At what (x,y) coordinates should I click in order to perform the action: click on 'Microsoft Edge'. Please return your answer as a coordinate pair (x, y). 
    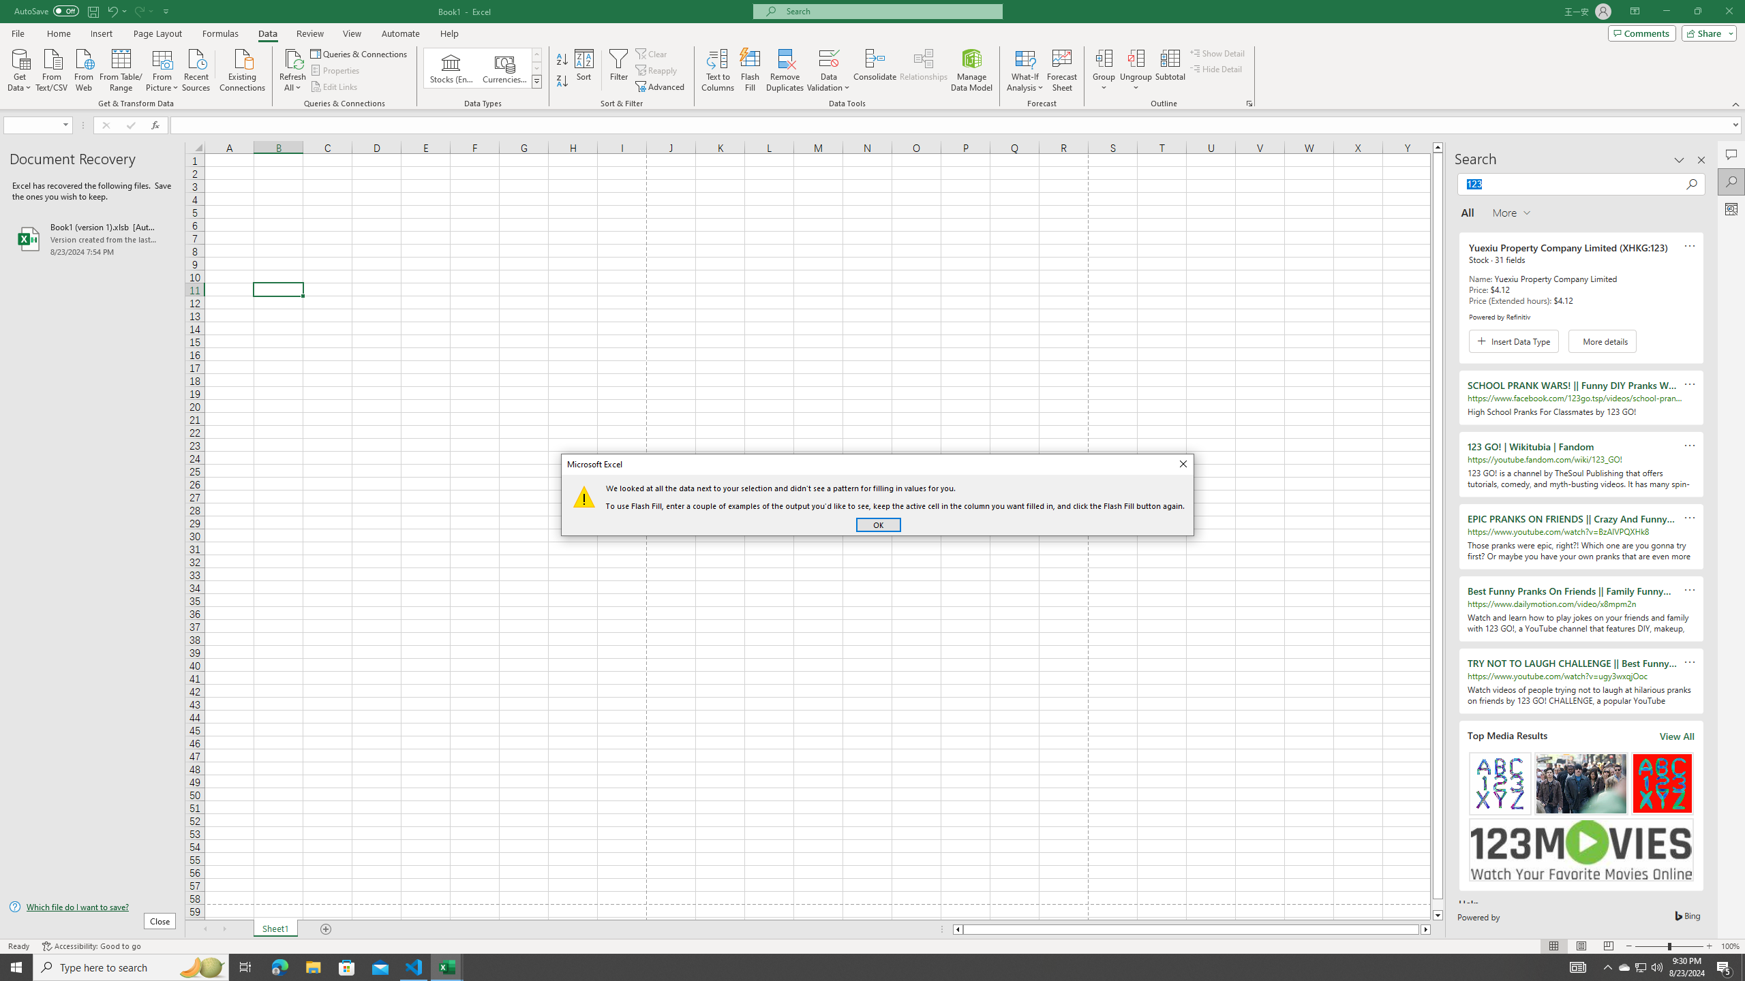
    Looking at the image, I should click on (279, 966).